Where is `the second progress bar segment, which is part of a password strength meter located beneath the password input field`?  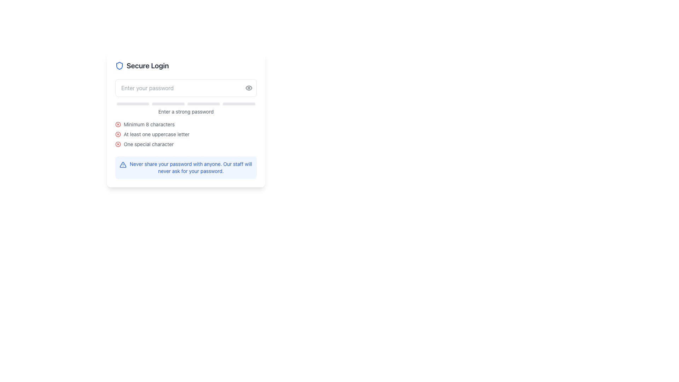
the second progress bar segment, which is part of a password strength meter located beneath the password input field is located at coordinates (168, 104).